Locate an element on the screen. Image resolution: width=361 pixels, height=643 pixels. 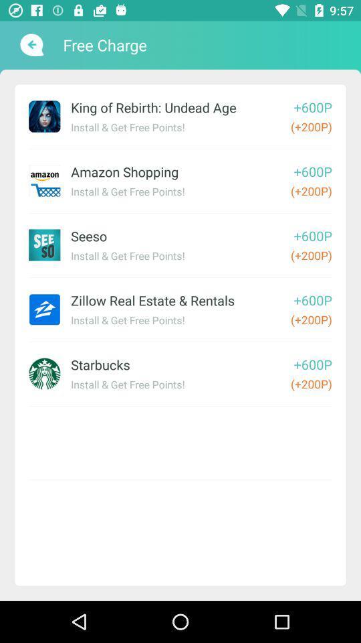
the arrow_backward icon is located at coordinates (30, 45).